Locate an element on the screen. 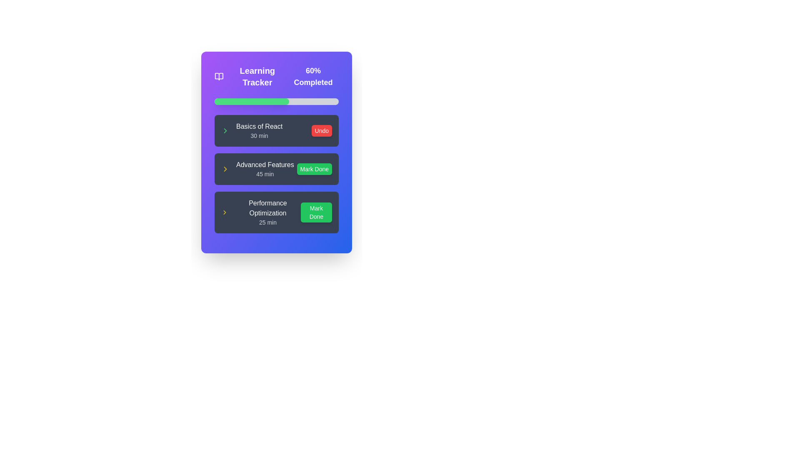  the horizontal progress bar located below the 'Learning Tracker' title and '60% Completed' indicator, which is styled with a gray background and a green filled portion is located at coordinates (276, 101).